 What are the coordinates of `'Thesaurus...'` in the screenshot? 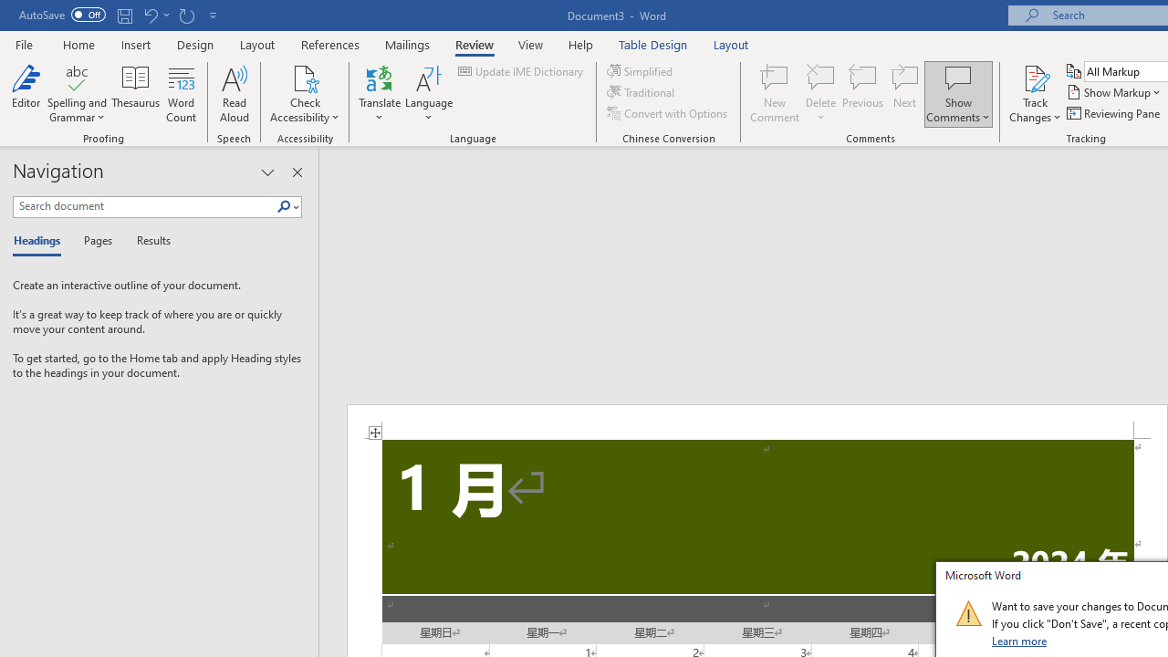 It's located at (135, 94).